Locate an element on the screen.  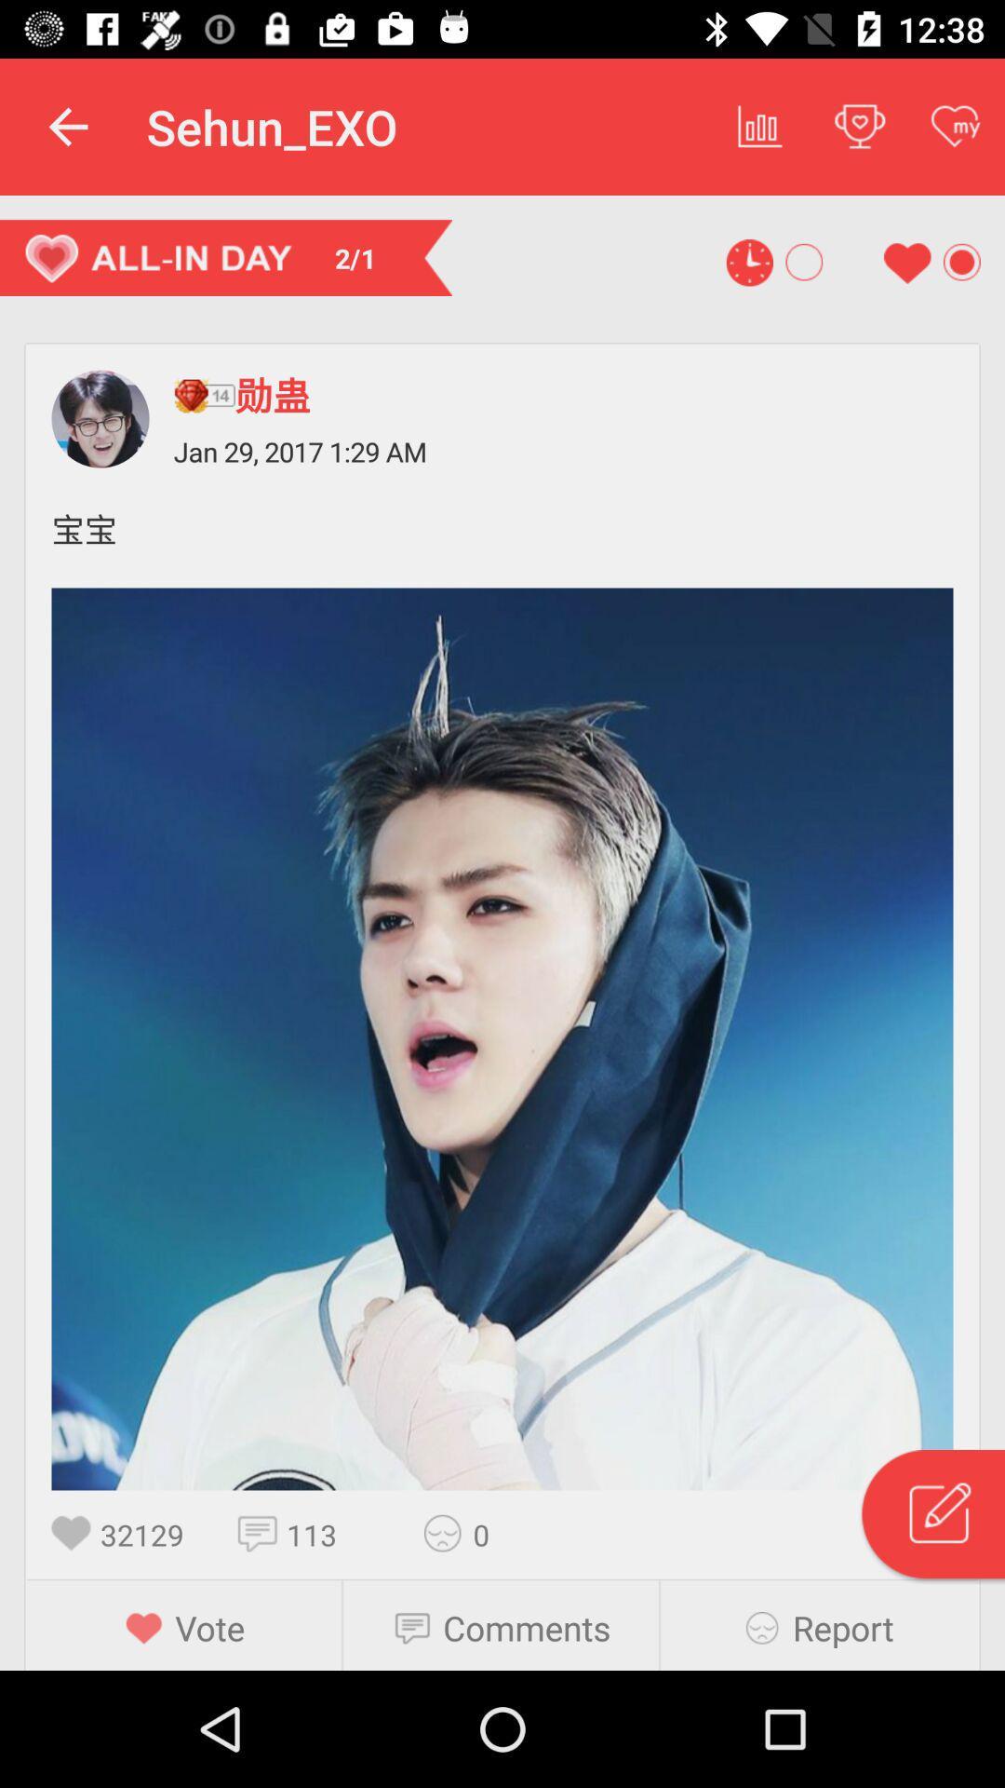
item above comments item is located at coordinates (449, 1533).